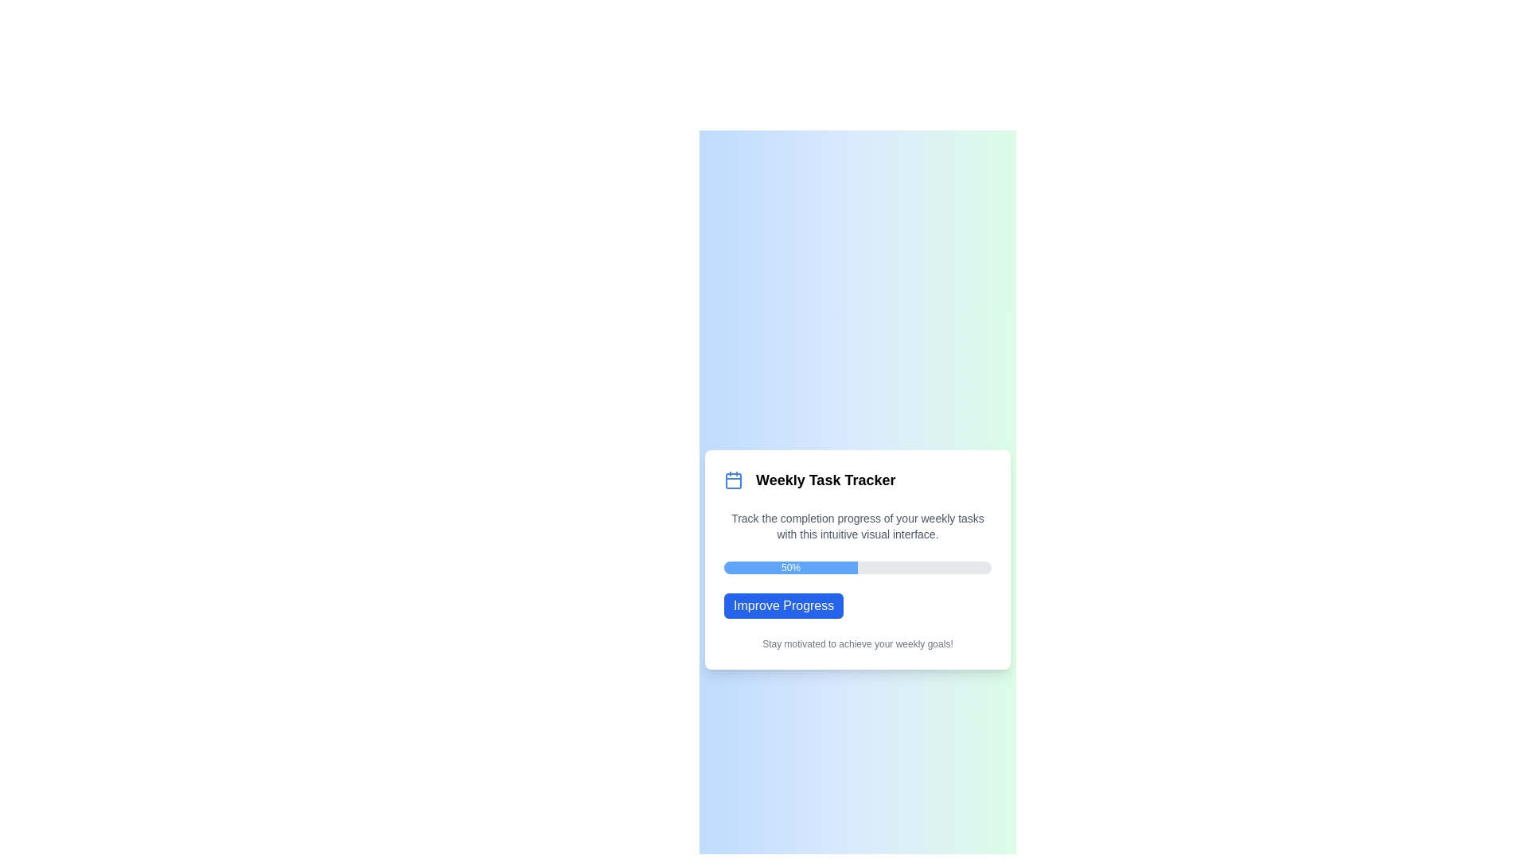 This screenshot has width=1528, height=859. I want to click on the calendar icon located to the left of the 'Weekly Task Tracker' text, serving as a visual indicator for scheduling or task tracking, so click(732, 480).